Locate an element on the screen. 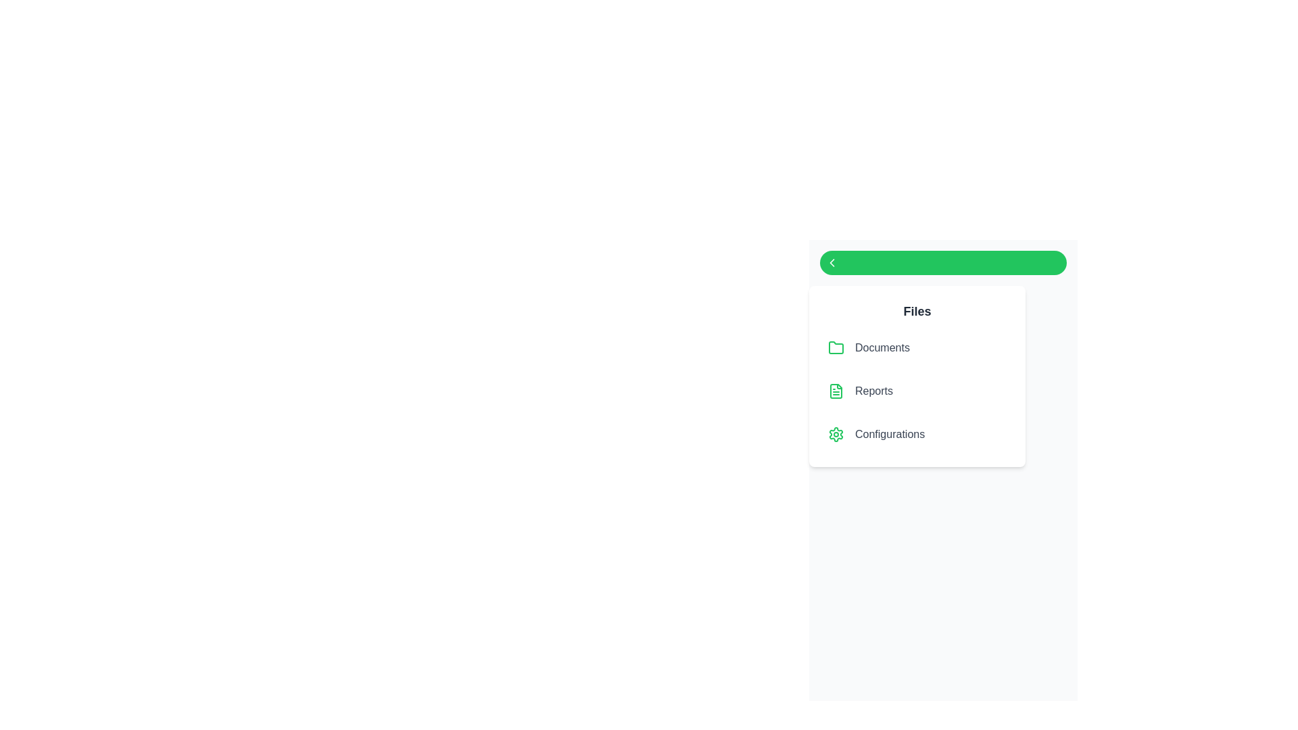 This screenshot has height=730, width=1298. the file item labeled 'Documents' to highlight it is located at coordinates (917, 347).